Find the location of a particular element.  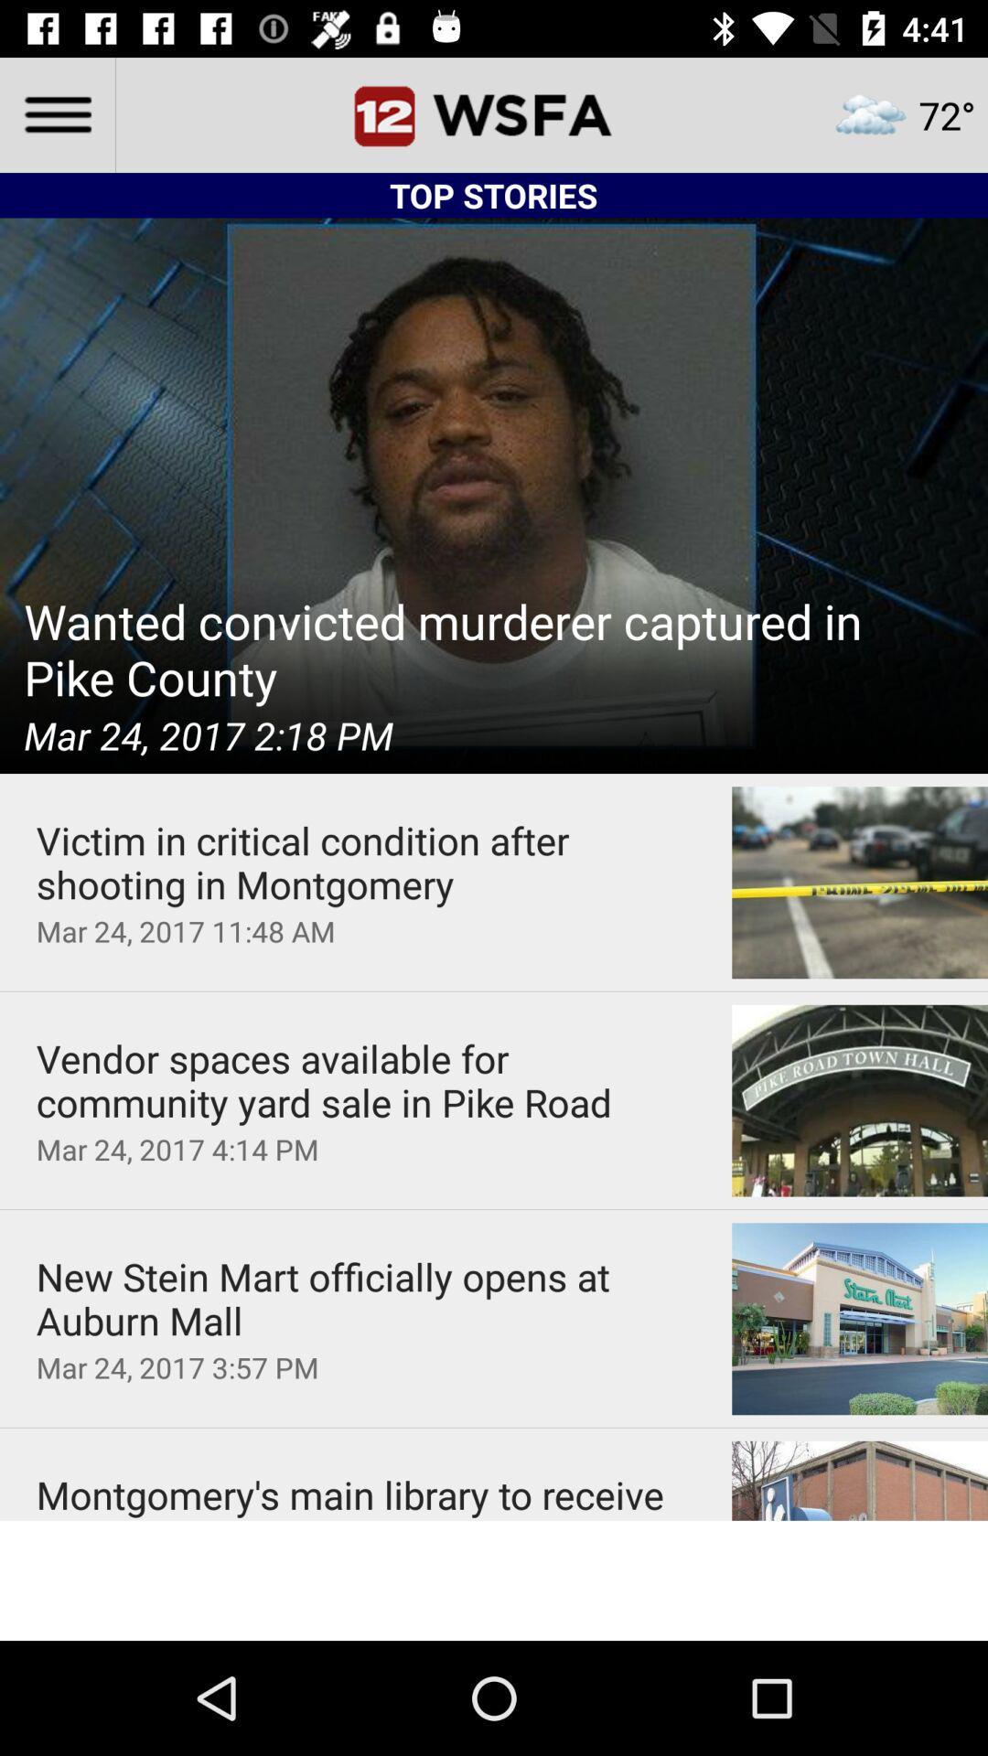

the date_range icon is located at coordinates (494, 113).